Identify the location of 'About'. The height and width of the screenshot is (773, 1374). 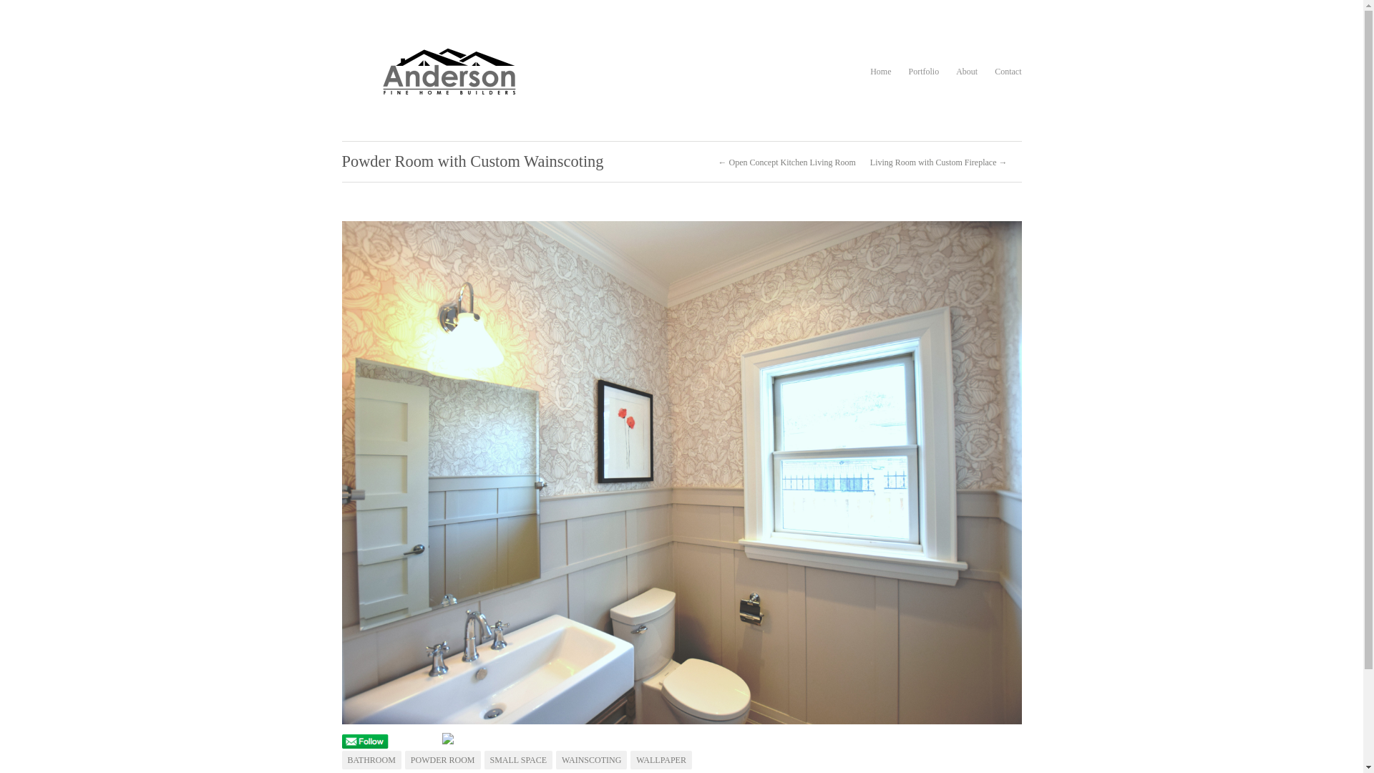
(955, 72).